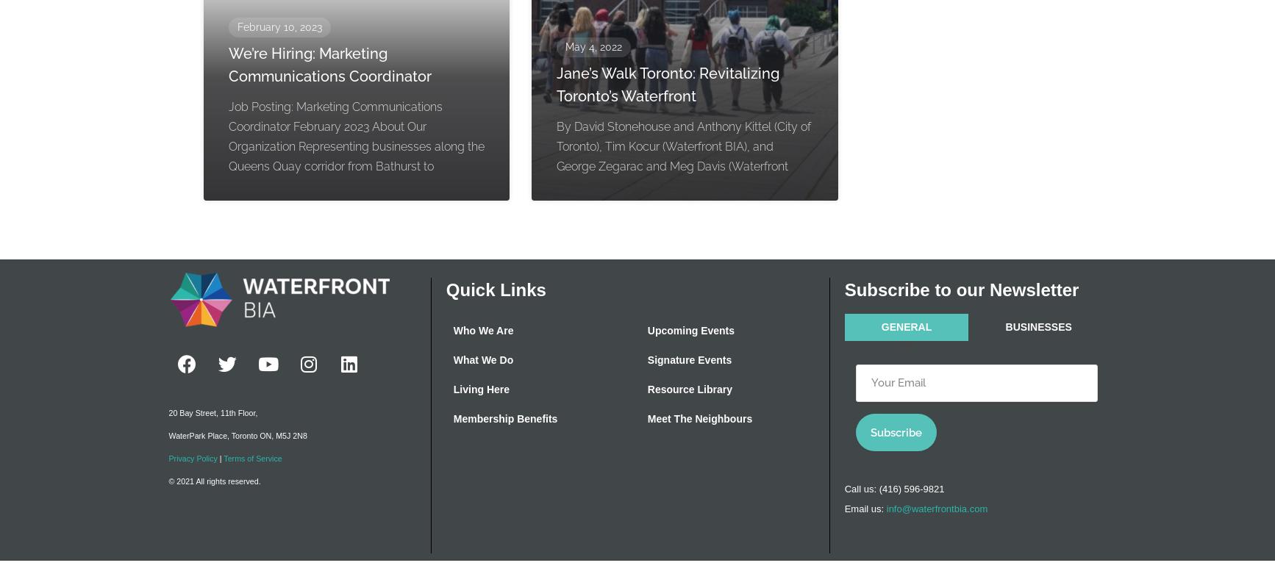  I want to click on 'Terms of Service', so click(223, 458).